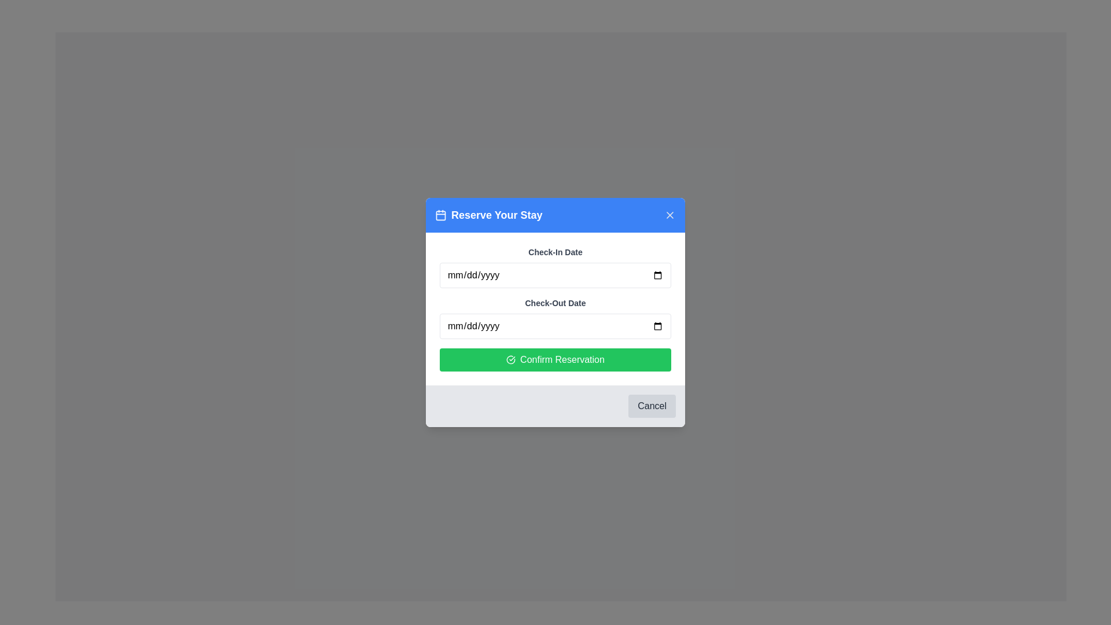 The image size is (1111, 625). I want to click on the informational text block at the top-left corner of the blue rectangular header bar in the modal dialog, which indicates the purpose of the dialog for reserving a stay, so click(488, 215).